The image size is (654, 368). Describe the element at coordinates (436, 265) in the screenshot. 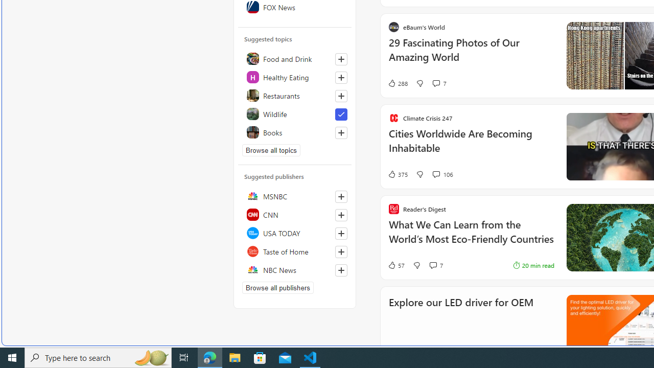

I see `'View comments 7 Comment'` at that location.